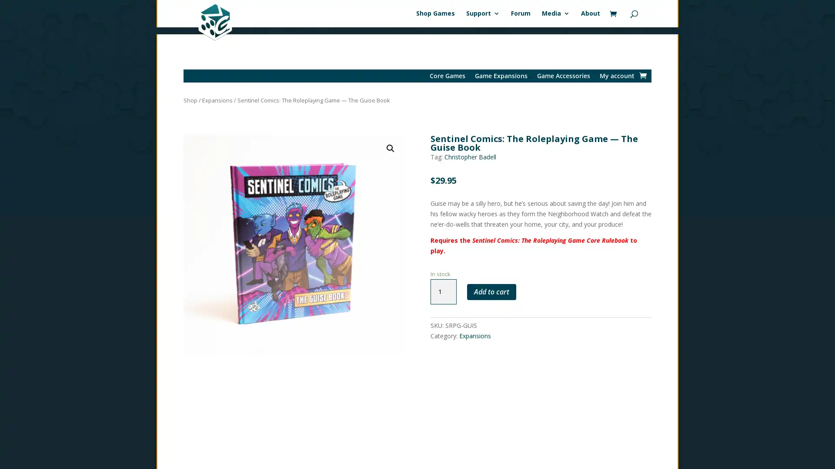 Image resolution: width=835 pixels, height=469 pixels. What do you see at coordinates (491, 284) in the screenshot?
I see `Add to cart` at bounding box center [491, 284].